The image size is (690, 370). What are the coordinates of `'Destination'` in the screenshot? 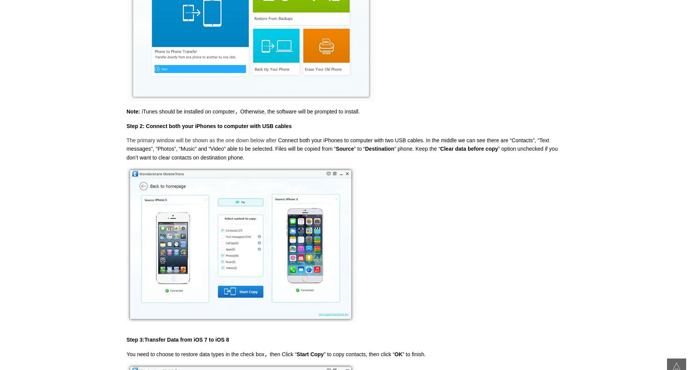 It's located at (379, 148).